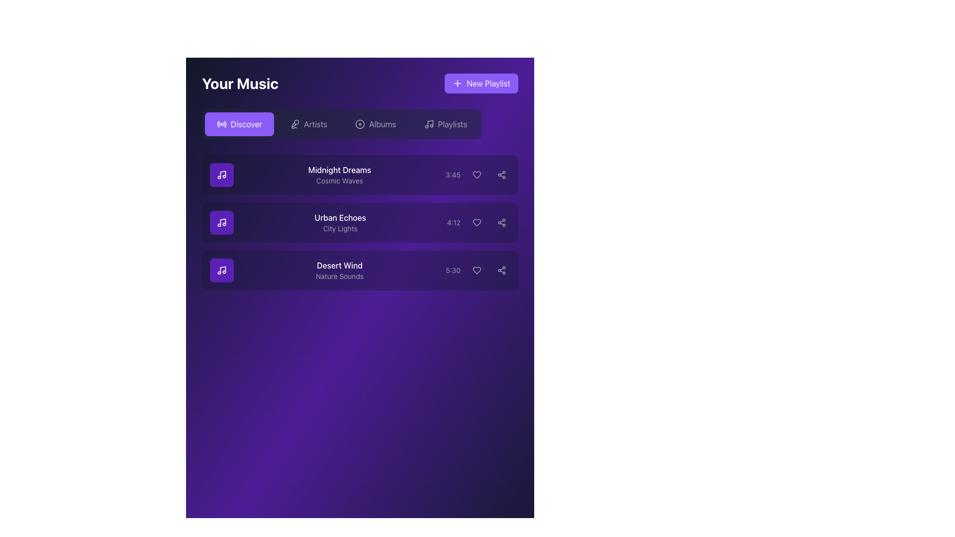 This screenshot has width=955, height=537. I want to click on the share icon represented by three connected circles forming a triangular structure, located to the rightmost side of the third track entry labeled 'Desert Wind', to initiate sharing, so click(501, 270).